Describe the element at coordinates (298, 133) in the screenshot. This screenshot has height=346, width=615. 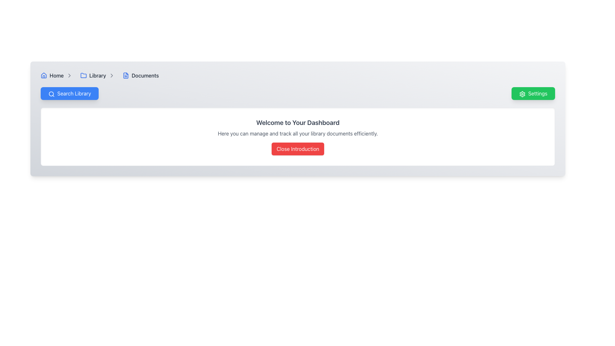
I see `the static text element that provides introductory information about managing and tracking library documents, located below the title 'Welcome to Your Dashboard'` at that location.